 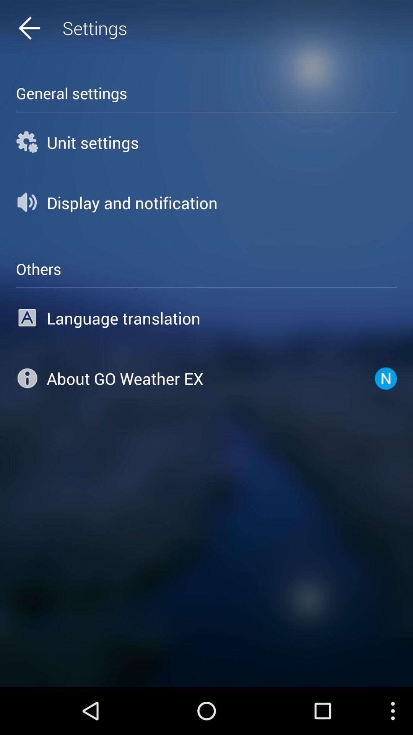 What do you see at coordinates (44, 30) in the screenshot?
I see `the arrow_backward icon` at bounding box center [44, 30].